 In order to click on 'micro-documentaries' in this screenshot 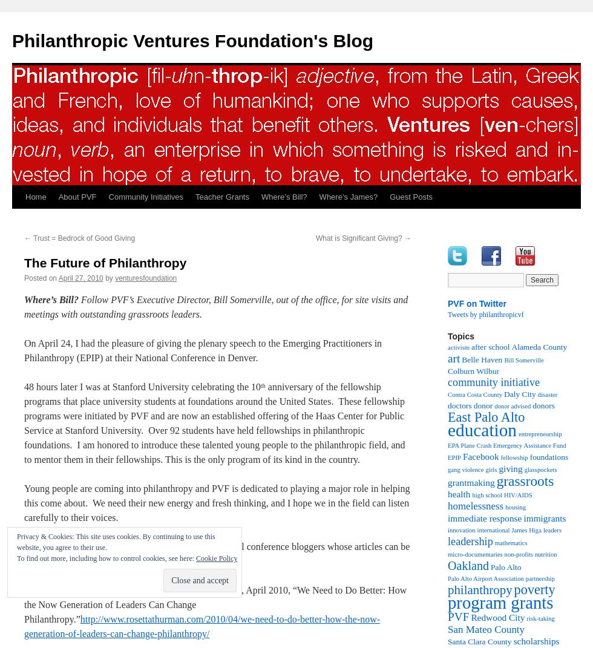, I will do `click(474, 554)`.